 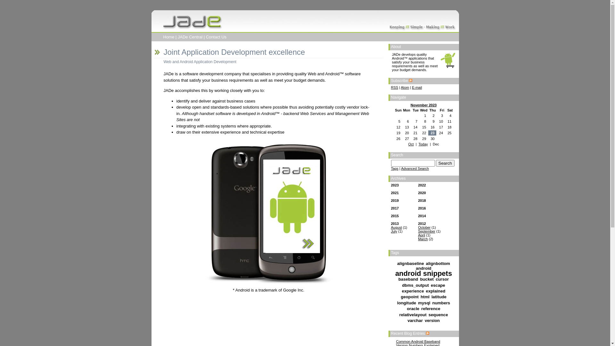 I want to click on 'RSS', so click(x=394, y=87).